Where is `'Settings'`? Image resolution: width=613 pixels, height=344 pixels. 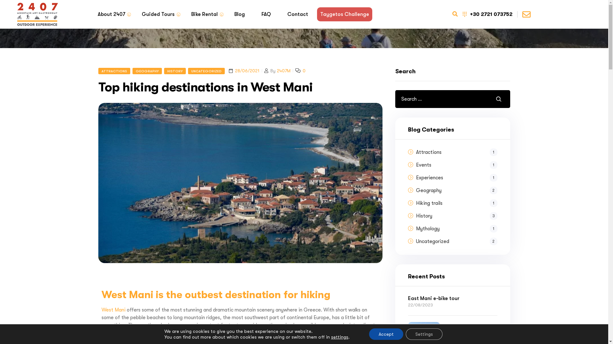
'Settings' is located at coordinates (424, 334).